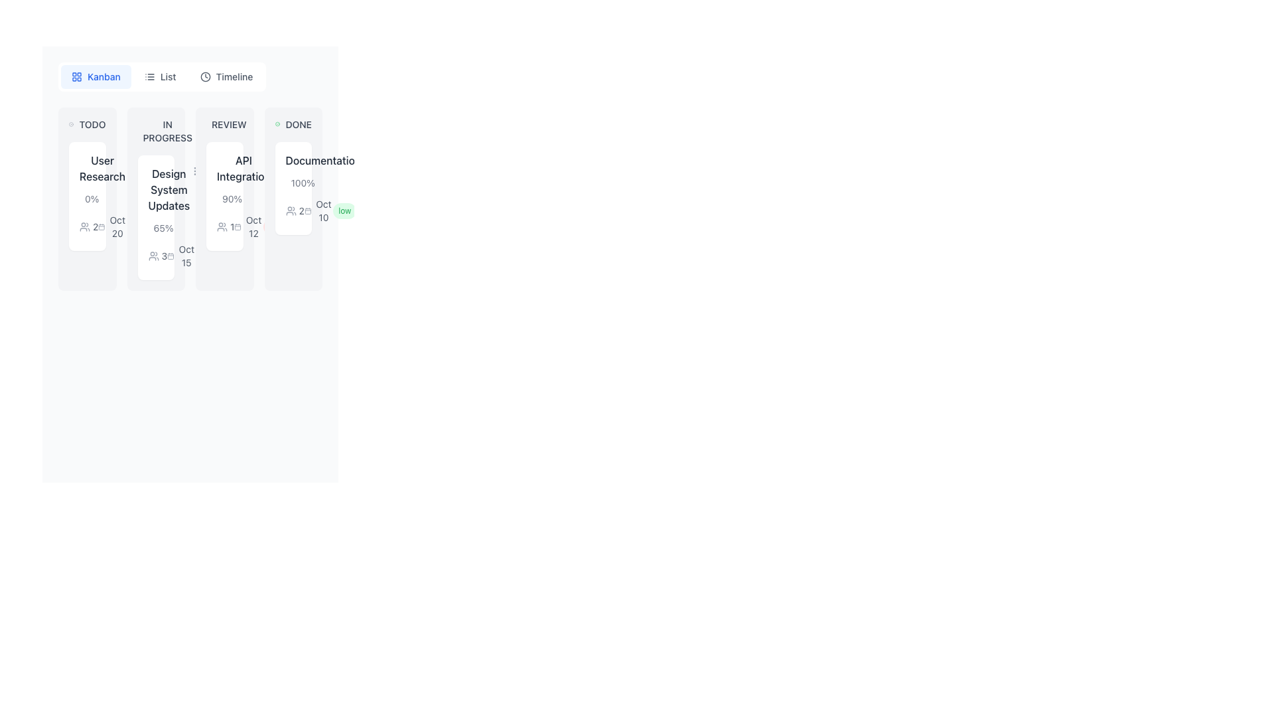 This screenshot has width=1274, height=717. Describe the element at coordinates (156, 246) in the screenshot. I see `the Information Display Component located within the 'Design System Updates' card in the 'In Progress' column to interact with the underlying details` at that location.